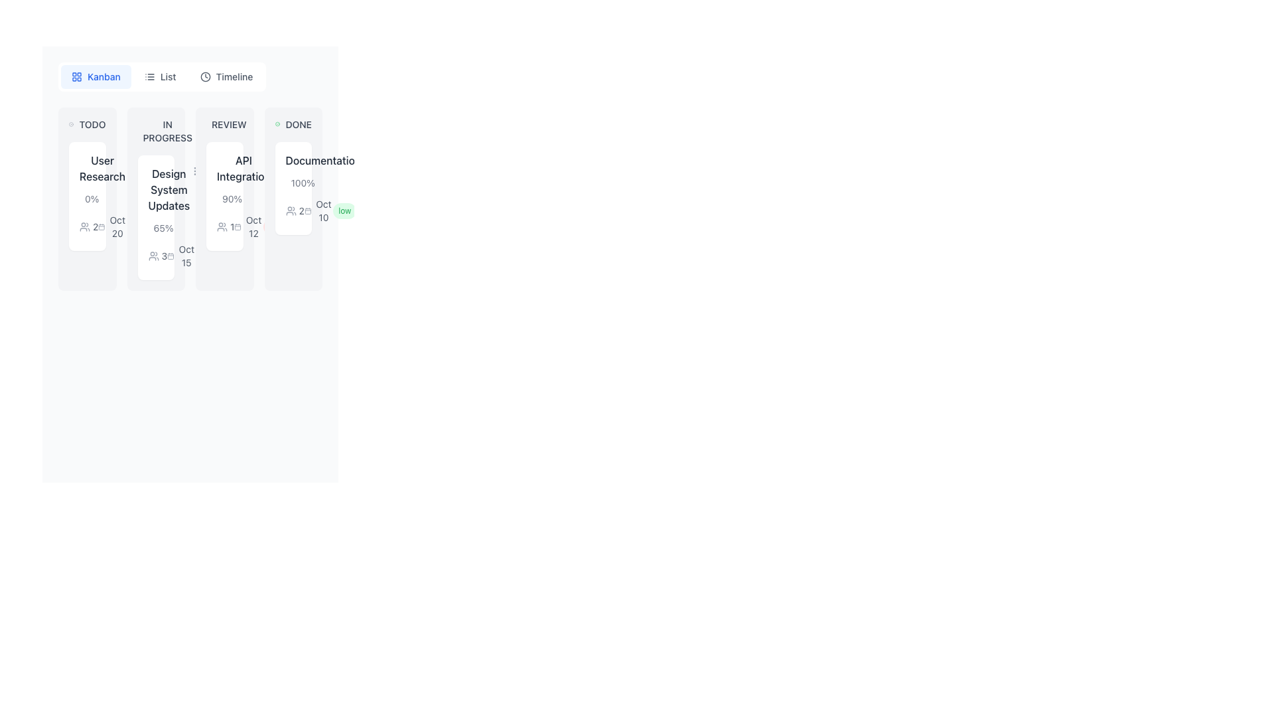 This screenshot has width=1274, height=717. Describe the element at coordinates (156, 246) in the screenshot. I see `the Information Display Component located within the 'Design System Updates' card in the 'In Progress' column to interact with the underlying details` at that location.